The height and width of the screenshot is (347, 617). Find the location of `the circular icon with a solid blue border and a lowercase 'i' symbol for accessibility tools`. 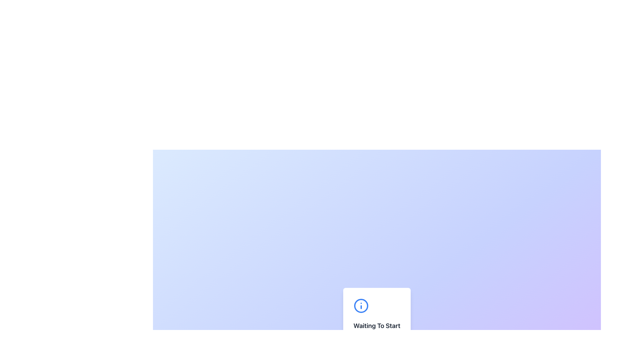

the circular icon with a solid blue border and a lowercase 'i' symbol for accessibility tools is located at coordinates (361, 306).